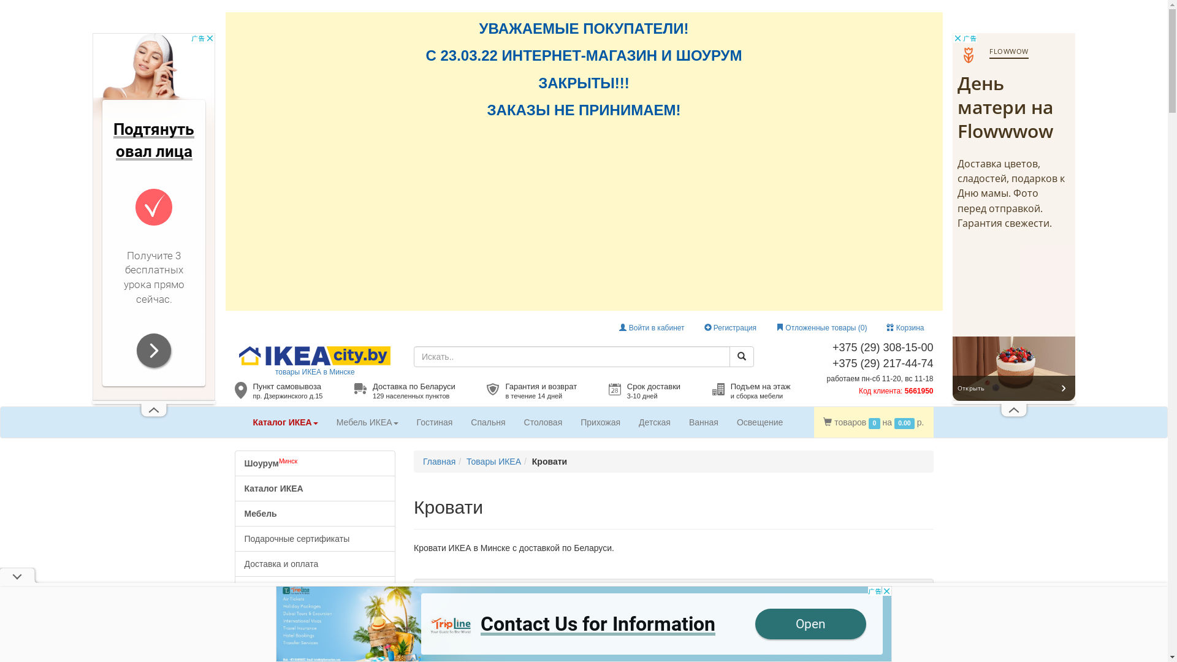 The image size is (1177, 662). Describe the element at coordinates (1014, 216) in the screenshot. I see `'Advertisement'` at that location.